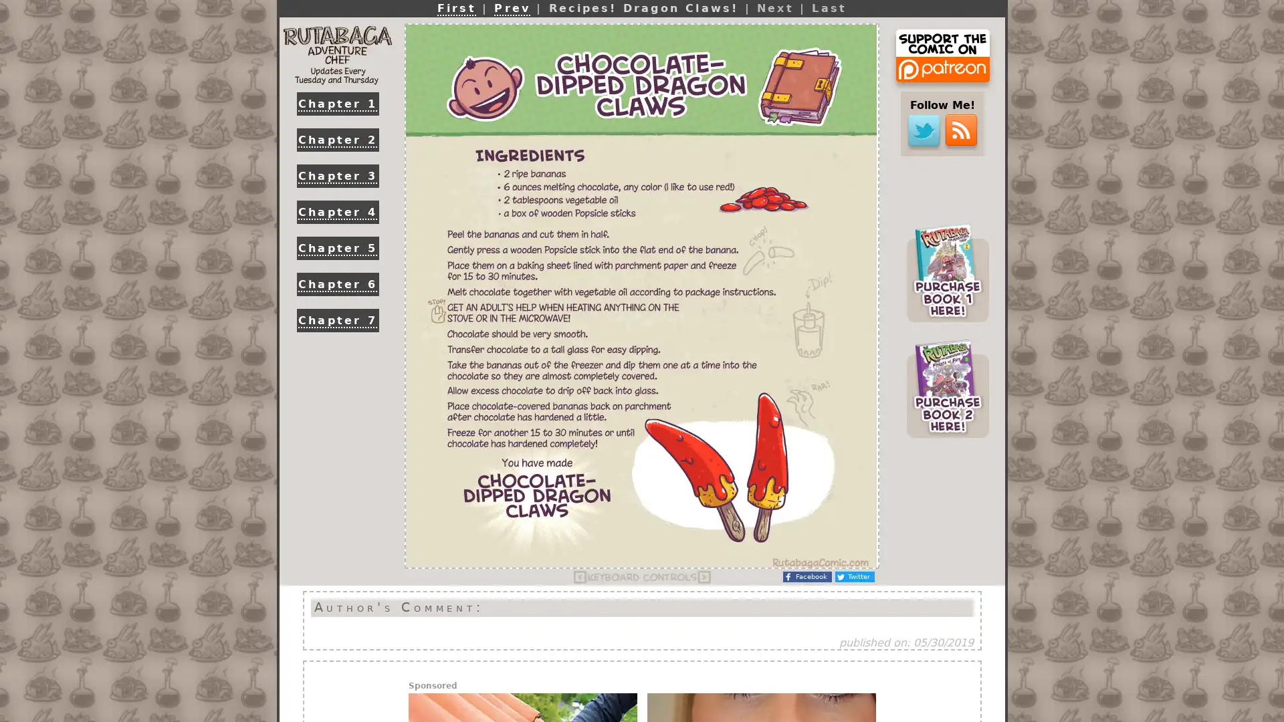 This screenshot has height=722, width=1284. What do you see at coordinates (854, 576) in the screenshot?
I see `Share to TwitterTwitter` at bounding box center [854, 576].